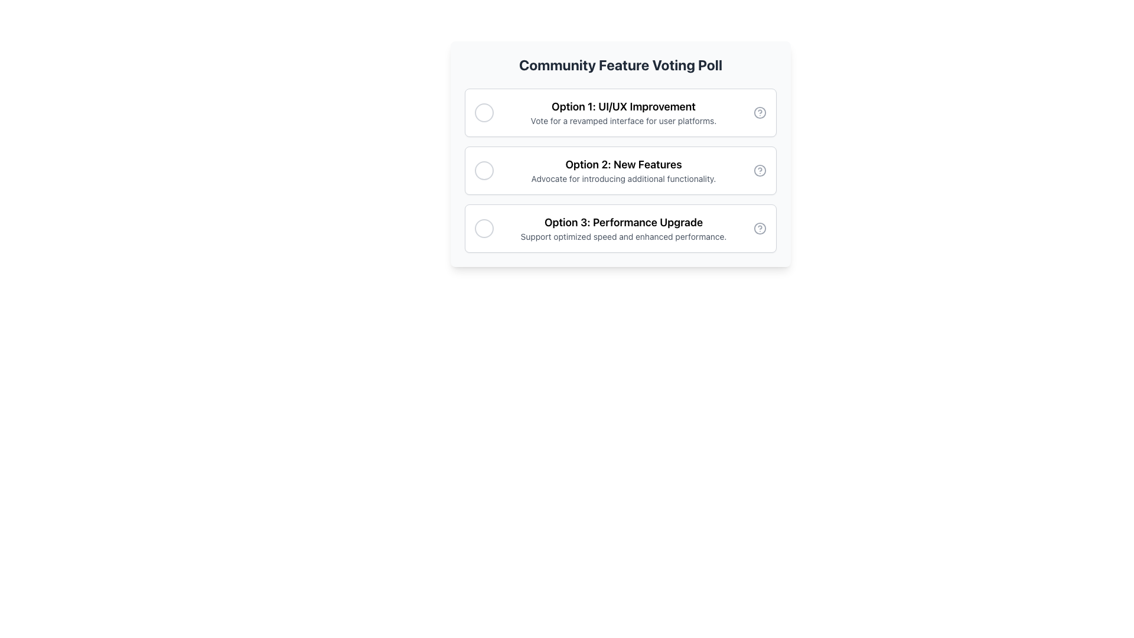 The width and height of the screenshot is (1134, 638). I want to click on text label 'Option 1: UI/UX Improvement', which is the first option in the 'Community Feature Voting Poll' list, prominently displayed in bold and large font, so click(623, 107).